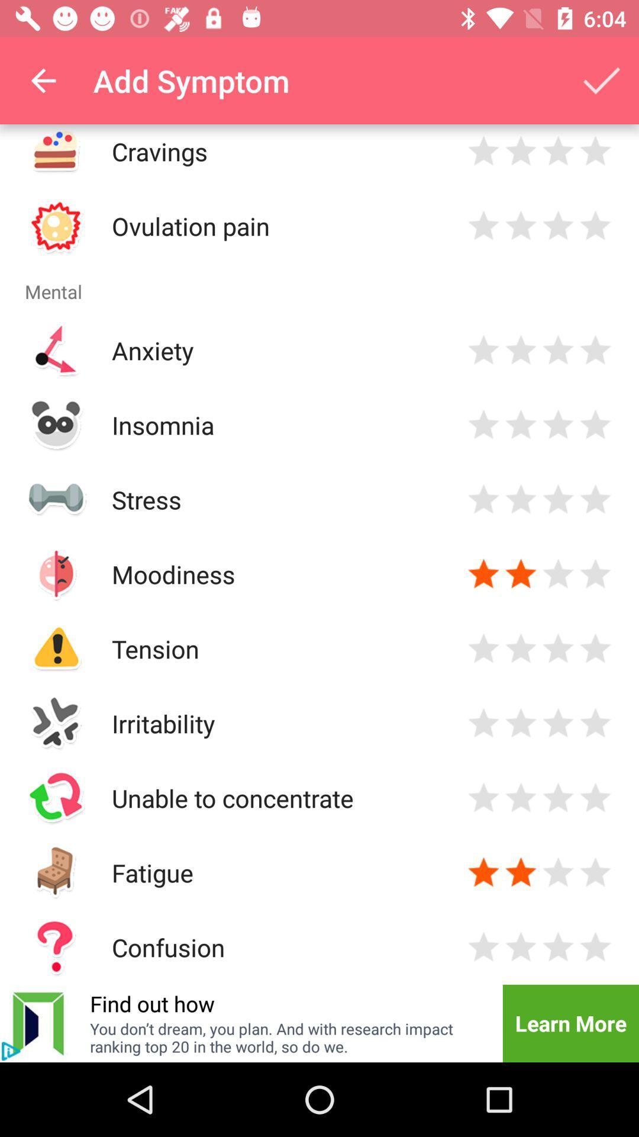 Image resolution: width=639 pixels, height=1137 pixels. I want to click on 4 star rating, so click(595, 722).